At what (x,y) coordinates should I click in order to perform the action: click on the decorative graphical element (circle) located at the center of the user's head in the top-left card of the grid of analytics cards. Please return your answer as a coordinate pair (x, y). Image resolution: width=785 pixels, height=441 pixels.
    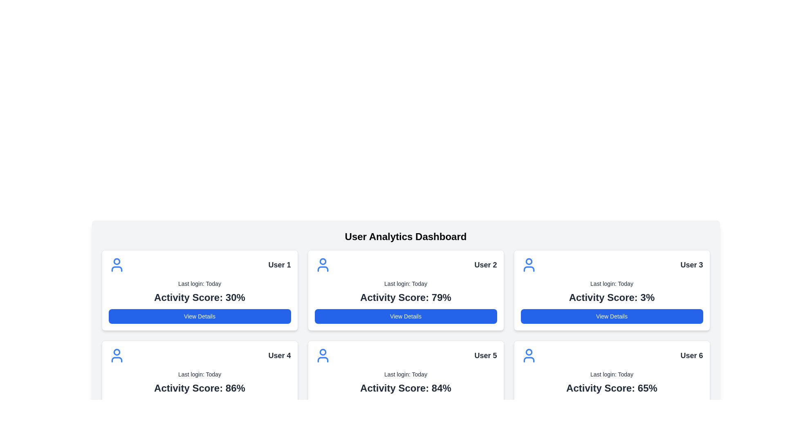
    Looking at the image, I should click on (116, 261).